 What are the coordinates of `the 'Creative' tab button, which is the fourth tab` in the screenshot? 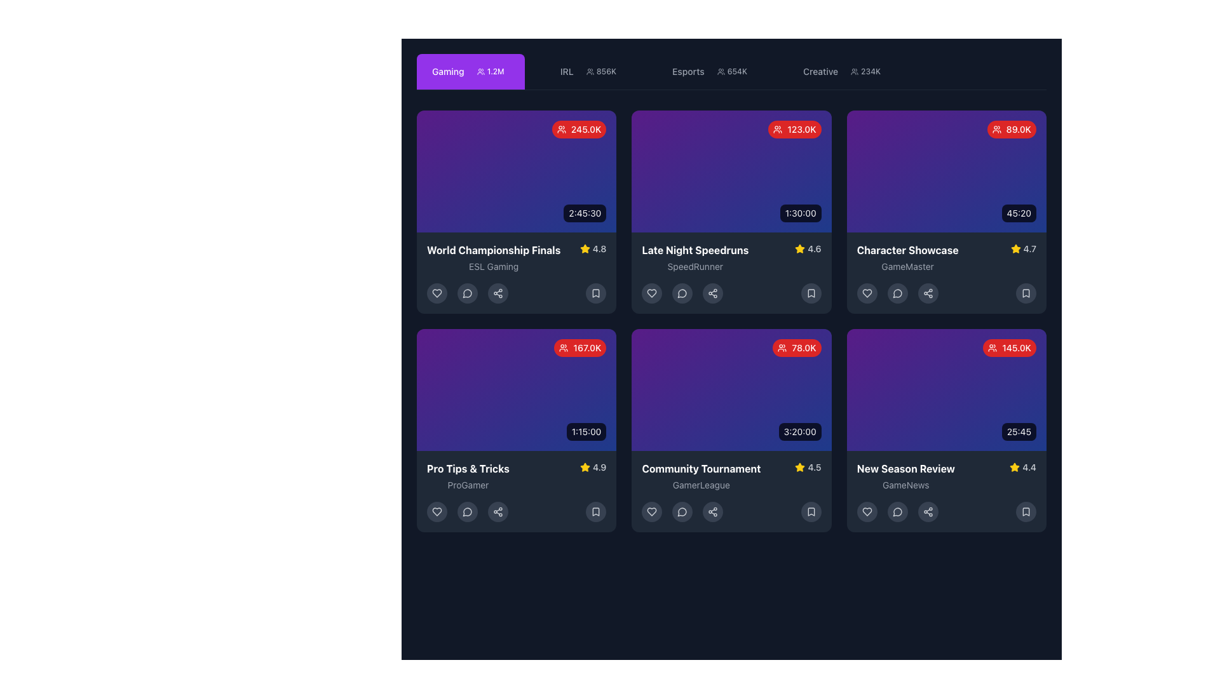 It's located at (844, 71).